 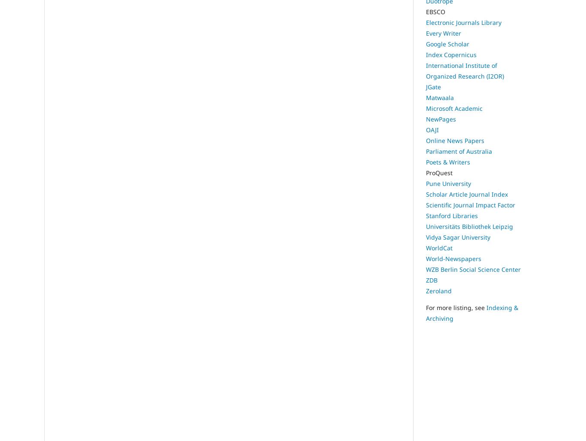 I want to click on 'WorldCat', so click(x=439, y=248).